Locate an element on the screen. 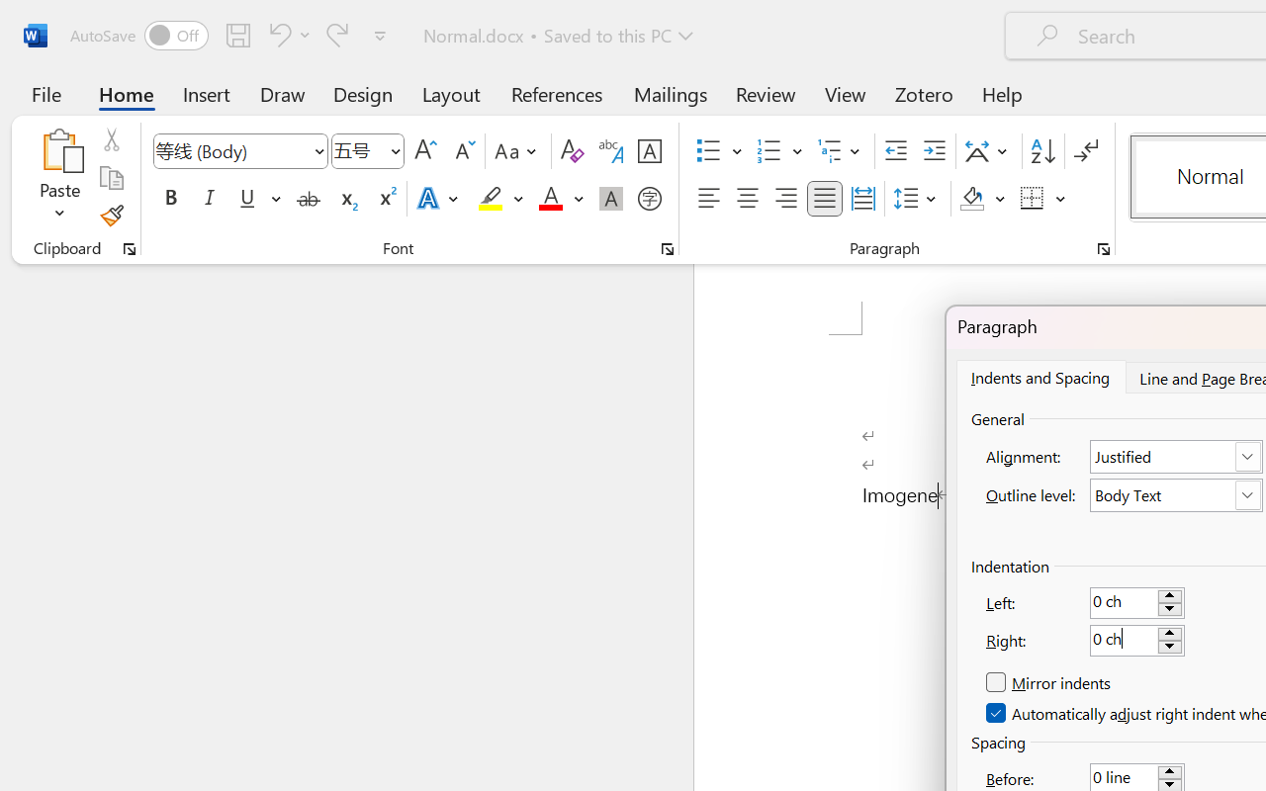  'Format Painter' is located at coordinates (110, 216).